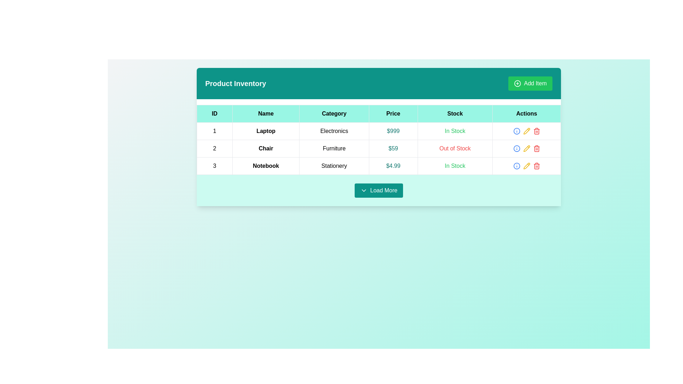 The image size is (683, 384). I want to click on the static text element displaying 'Laptop', which is styled in bold font and part of a table layout, located in the second column of the first row under 'Name', so click(265, 131).